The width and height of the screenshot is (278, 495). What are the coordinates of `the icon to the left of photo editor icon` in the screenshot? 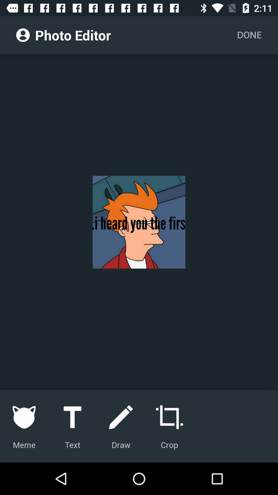 It's located at (23, 35).